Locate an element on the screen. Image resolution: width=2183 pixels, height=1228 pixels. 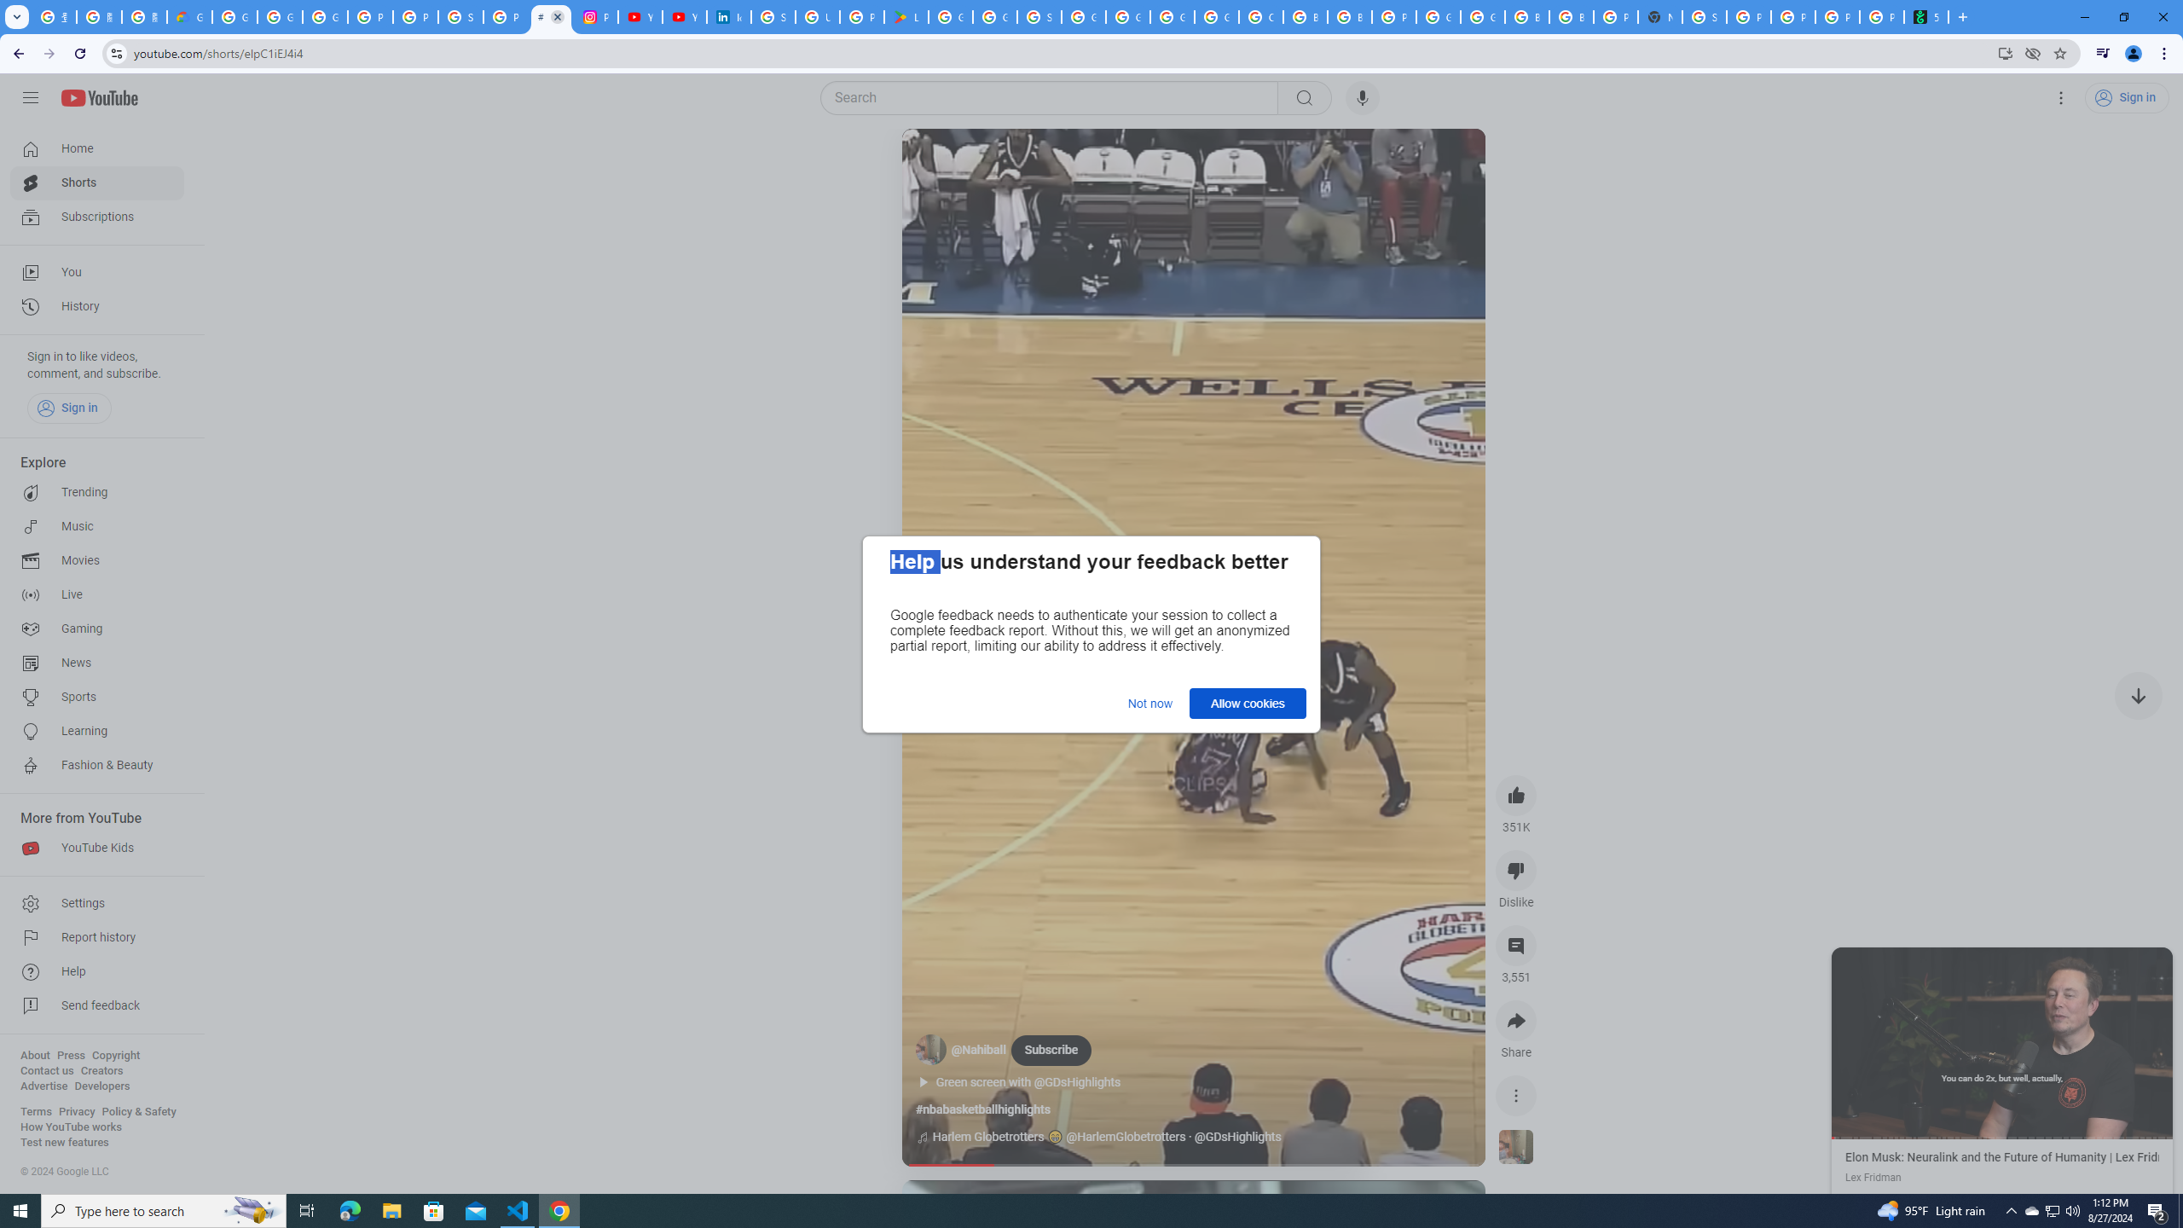
'Search with your voice' is located at coordinates (1362, 97).